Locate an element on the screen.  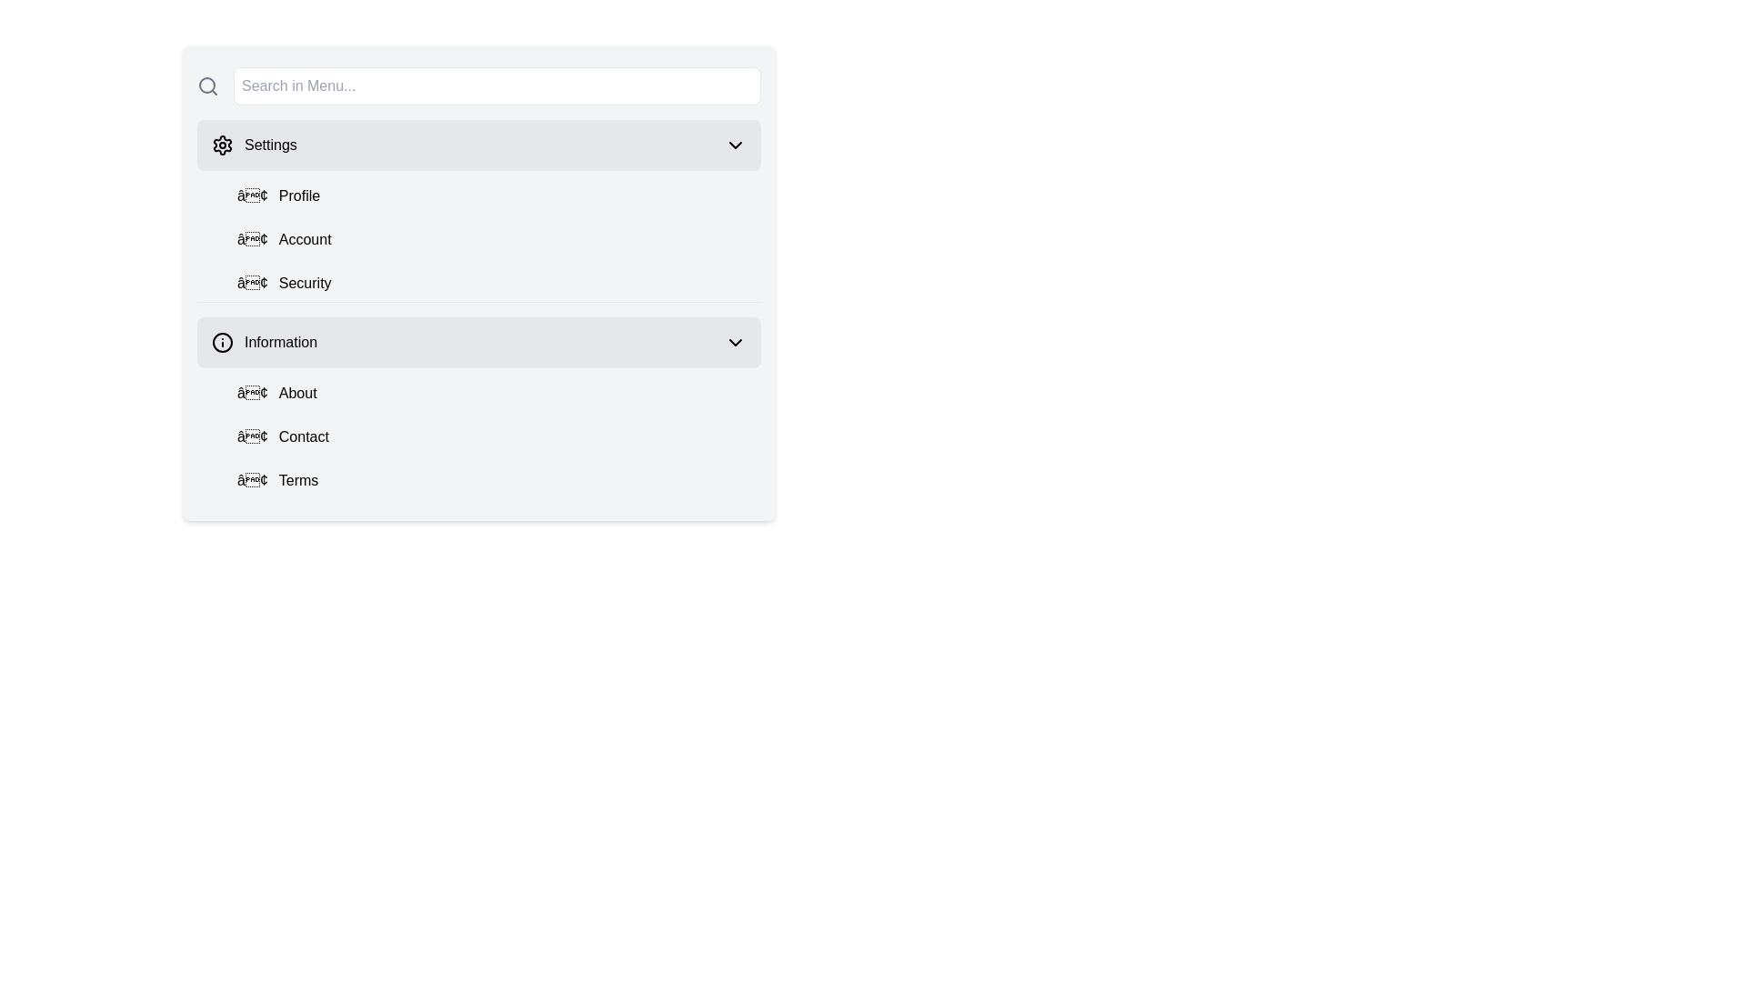
text-based icon or marker located to the left of the 'Terms' label in the 'Information' section of the dropdown menu is located at coordinates (251, 479).